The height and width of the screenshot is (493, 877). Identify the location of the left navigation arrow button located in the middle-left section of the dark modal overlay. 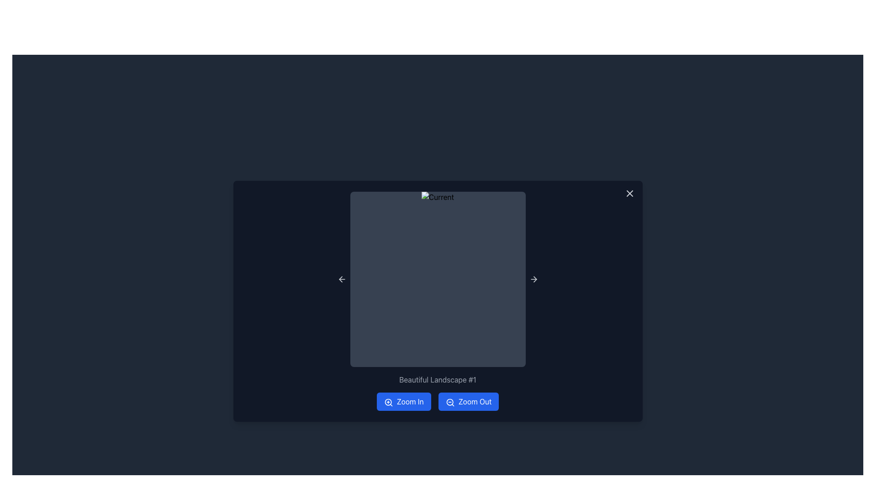
(341, 279).